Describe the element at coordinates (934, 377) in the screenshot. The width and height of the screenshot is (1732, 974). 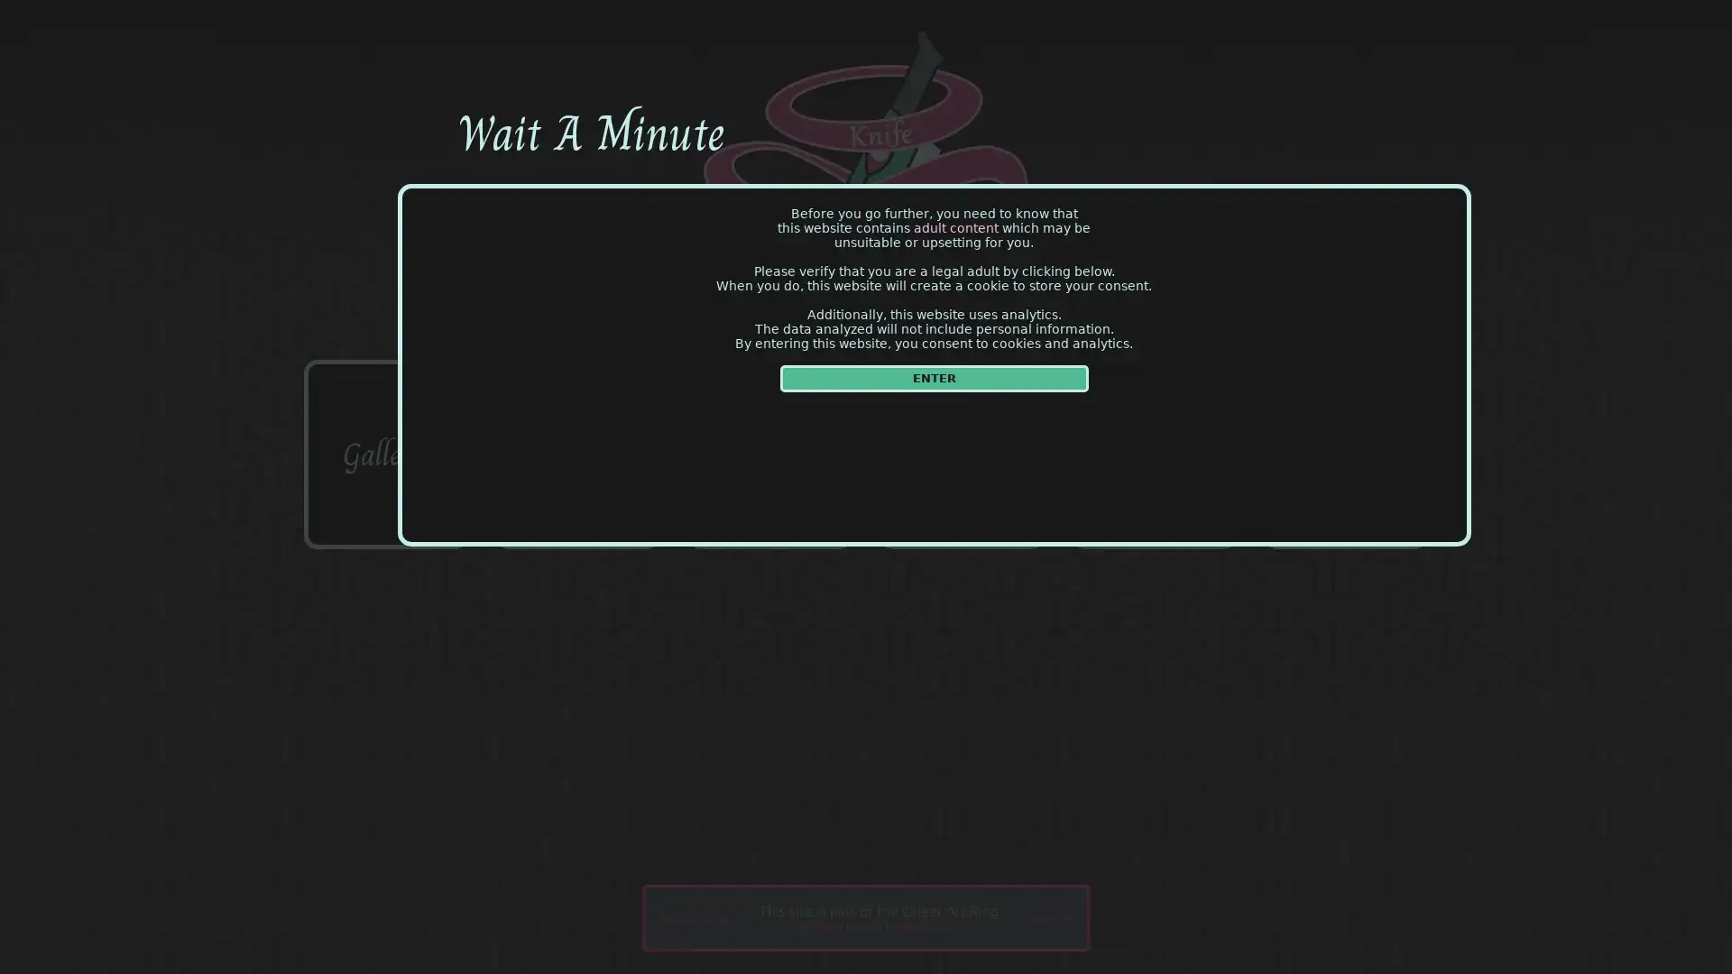
I see `ENTER` at that location.